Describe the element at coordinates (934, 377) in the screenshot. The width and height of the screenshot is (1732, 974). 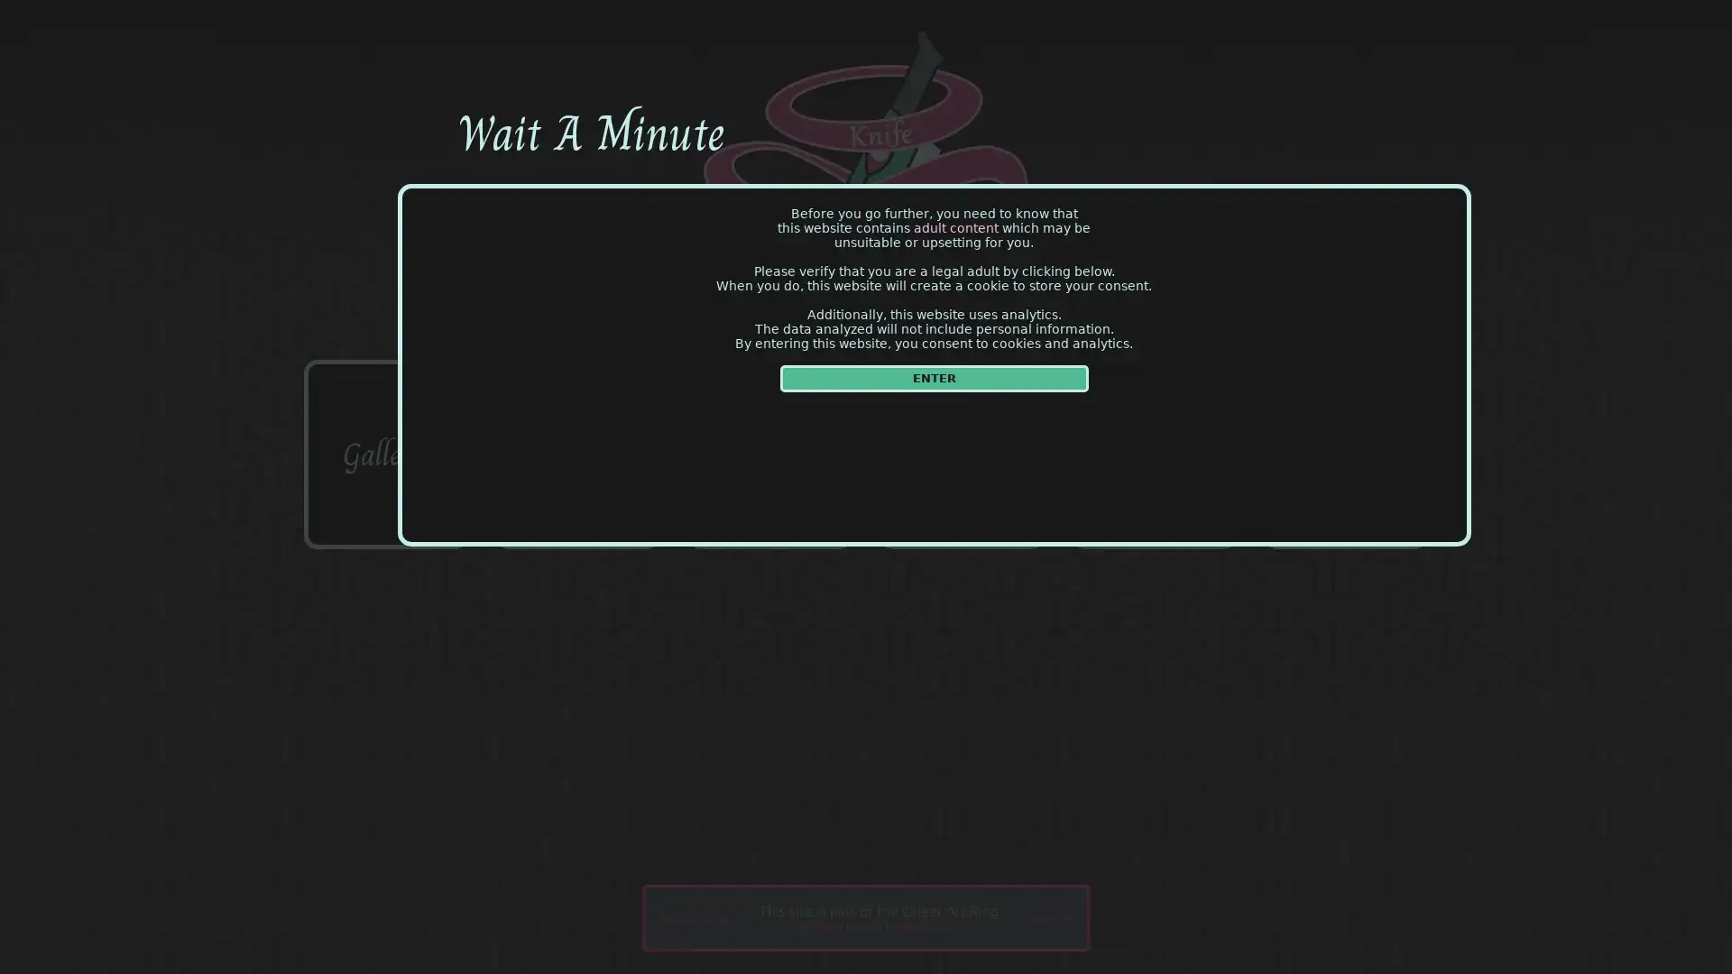
I see `ENTER` at that location.